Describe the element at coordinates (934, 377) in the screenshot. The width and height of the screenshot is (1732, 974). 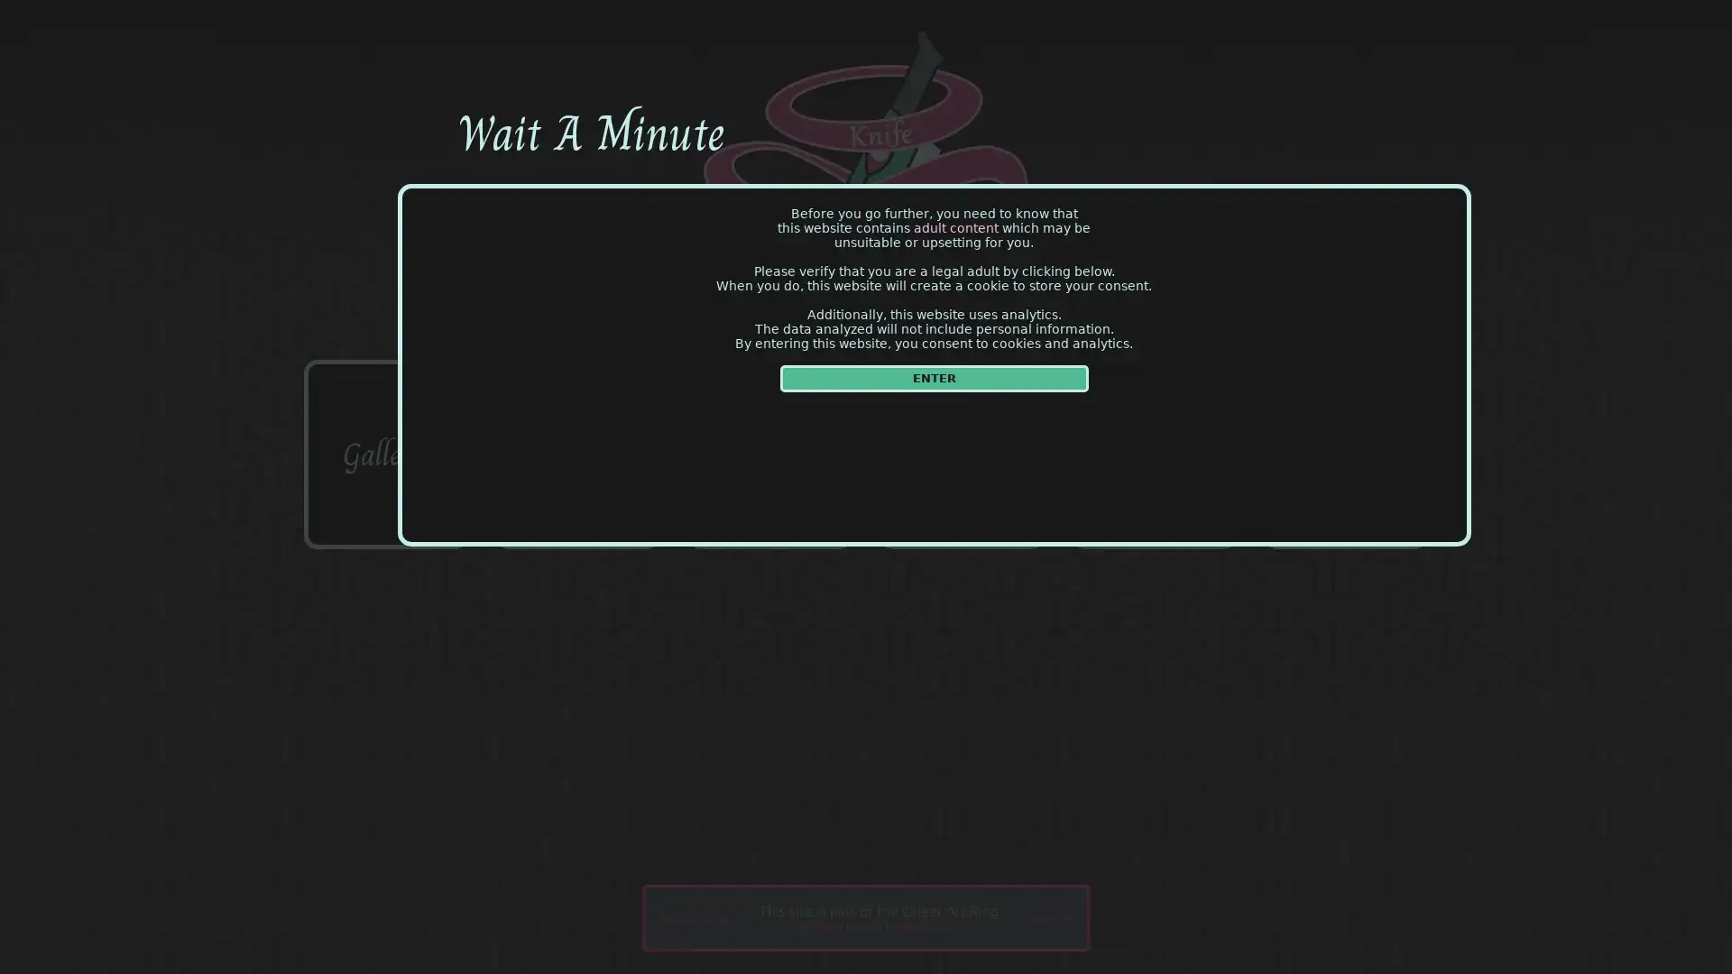
I see `ENTER` at that location.